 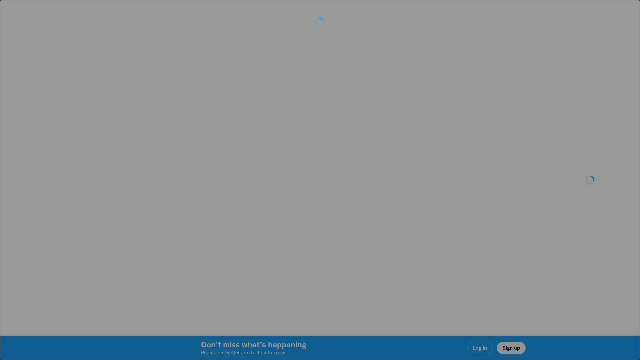 What do you see at coordinates (241, 227) in the screenshot?
I see `Sign up` at bounding box center [241, 227].